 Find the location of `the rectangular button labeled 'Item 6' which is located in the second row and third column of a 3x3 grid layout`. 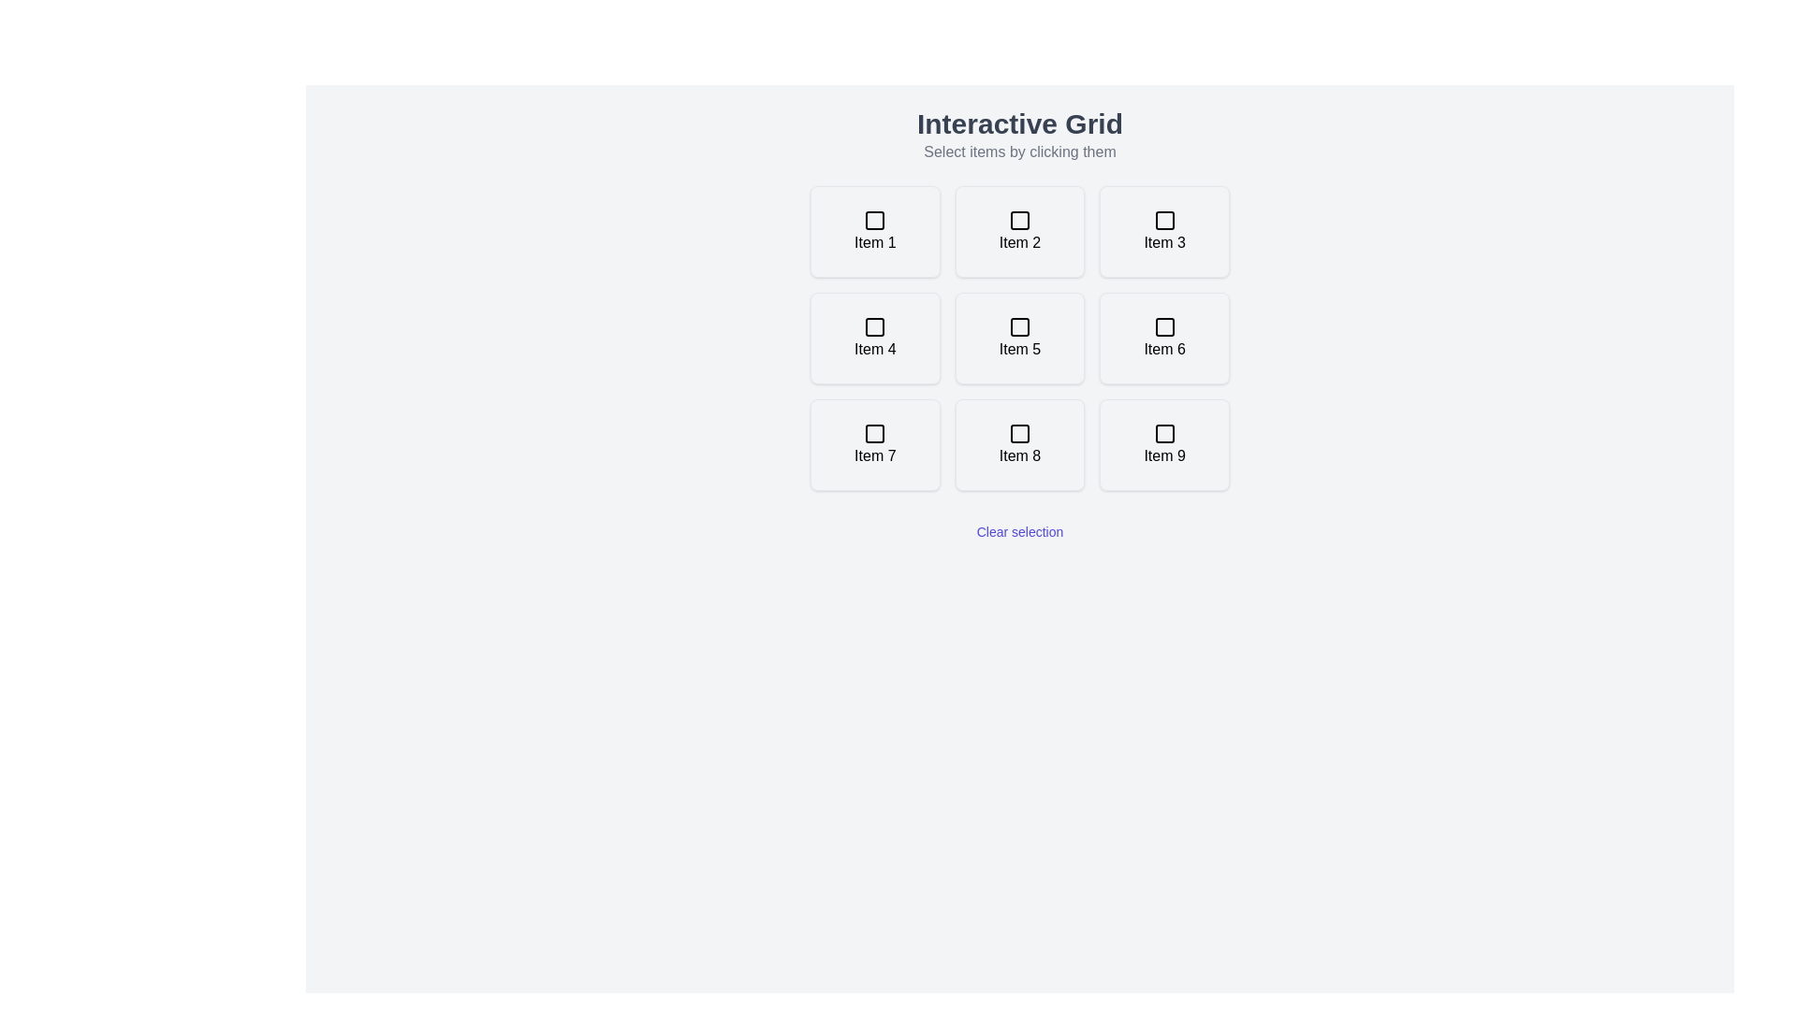

the rectangular button labeled 'Item 6' which is located in the second row and third column of a 3x3 grid layout is located at coordinates (1163, 339).